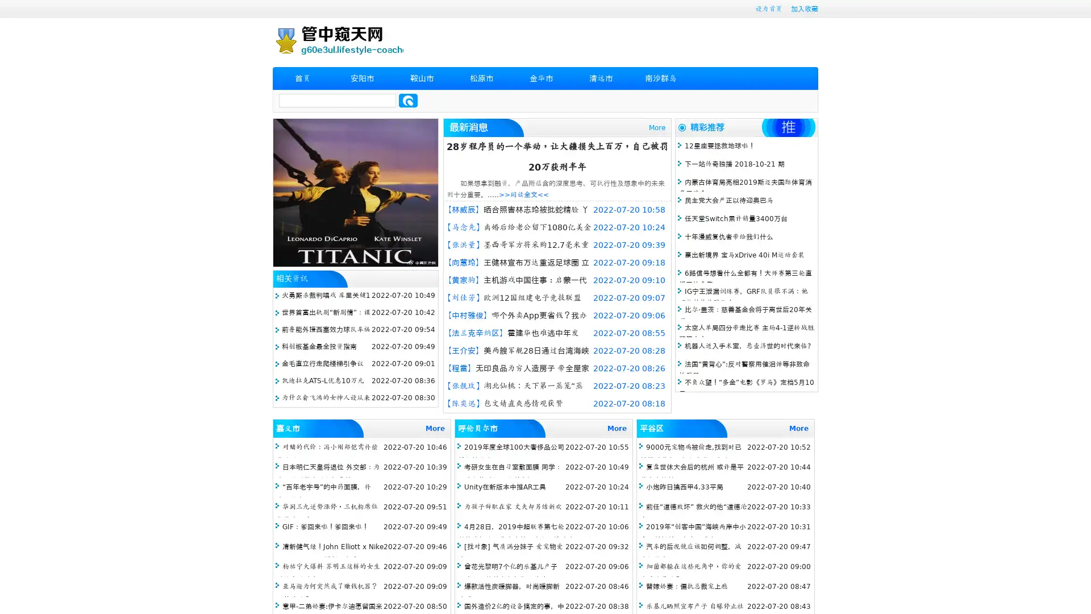  Describe the element at coordinates (408, 100) in the screenshot. I see `Search` at that location.